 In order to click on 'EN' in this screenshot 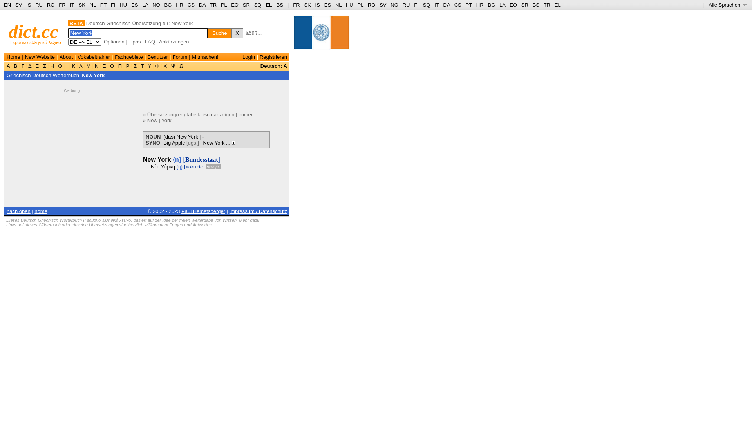, I will do `click(4, 5)`.